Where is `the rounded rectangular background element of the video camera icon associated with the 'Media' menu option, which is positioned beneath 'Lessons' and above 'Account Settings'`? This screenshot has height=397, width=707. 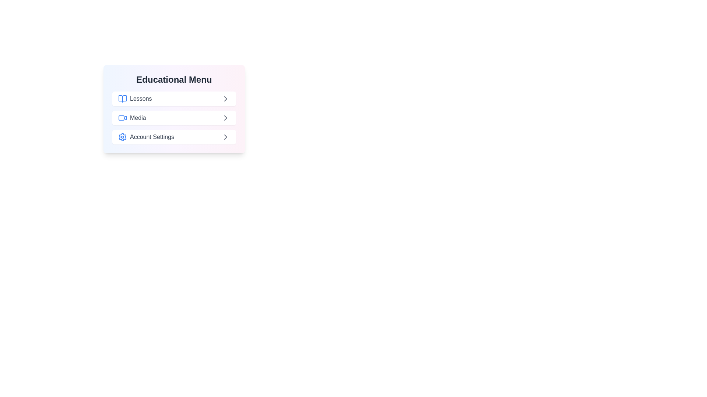 the rounded rectangular background element of the video camera icon associated with the 'Media' menu option, which is positioned beneath 'Lessons' and above 'Account Settings' is located at coordinates (122, 117).